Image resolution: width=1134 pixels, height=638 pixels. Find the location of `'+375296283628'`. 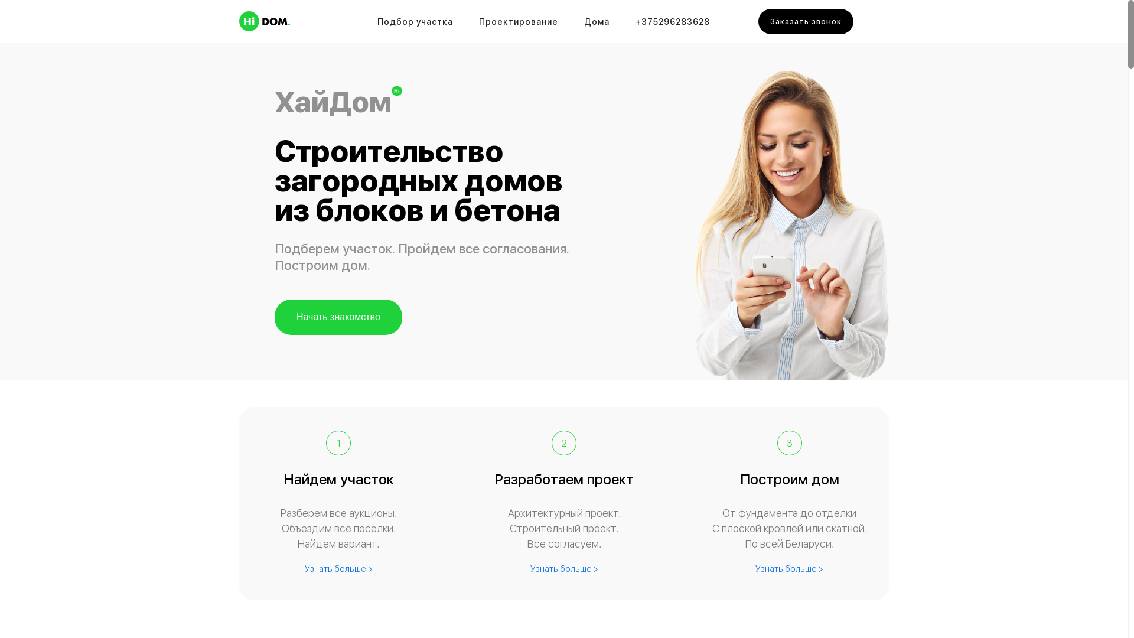

'+375296283628' is located at coordinates (672, 24).